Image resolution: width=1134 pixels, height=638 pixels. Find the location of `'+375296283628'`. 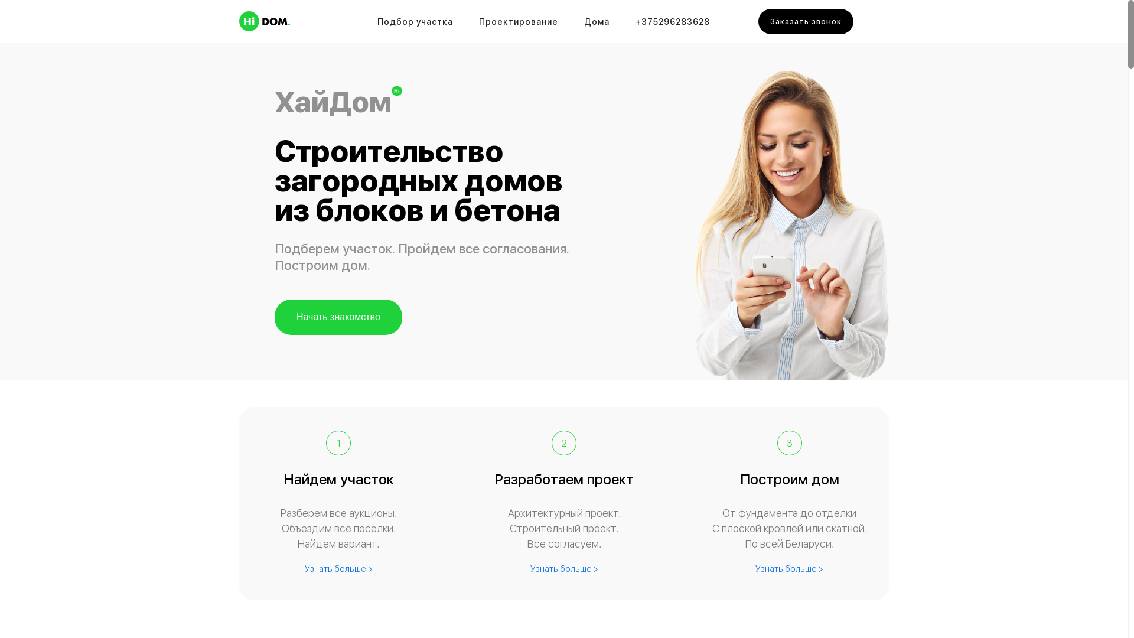

'+375296283628' is located at coordinates (672, 24).